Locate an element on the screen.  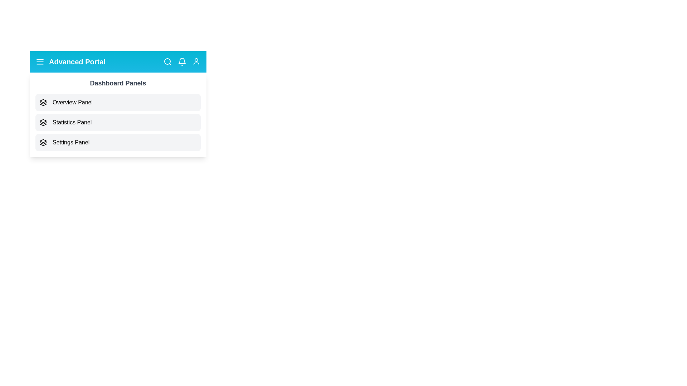
the Statistics Panel panel to view its content is located at coordinates (118, 122).